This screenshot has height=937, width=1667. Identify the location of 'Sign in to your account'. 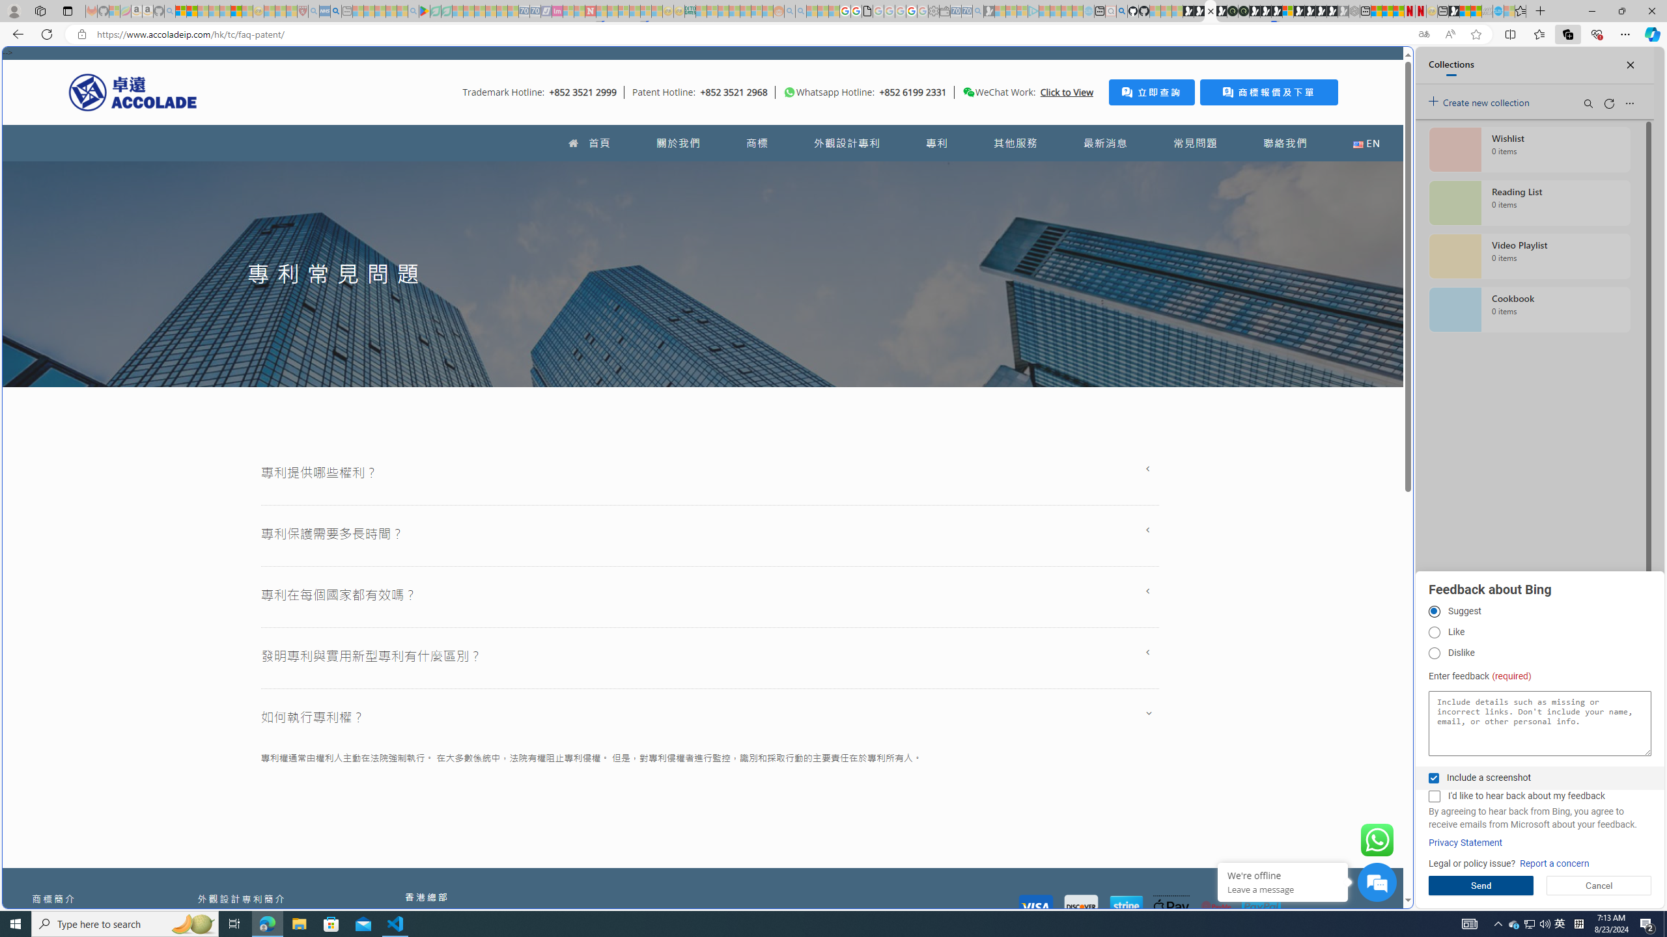
(1287, 10).